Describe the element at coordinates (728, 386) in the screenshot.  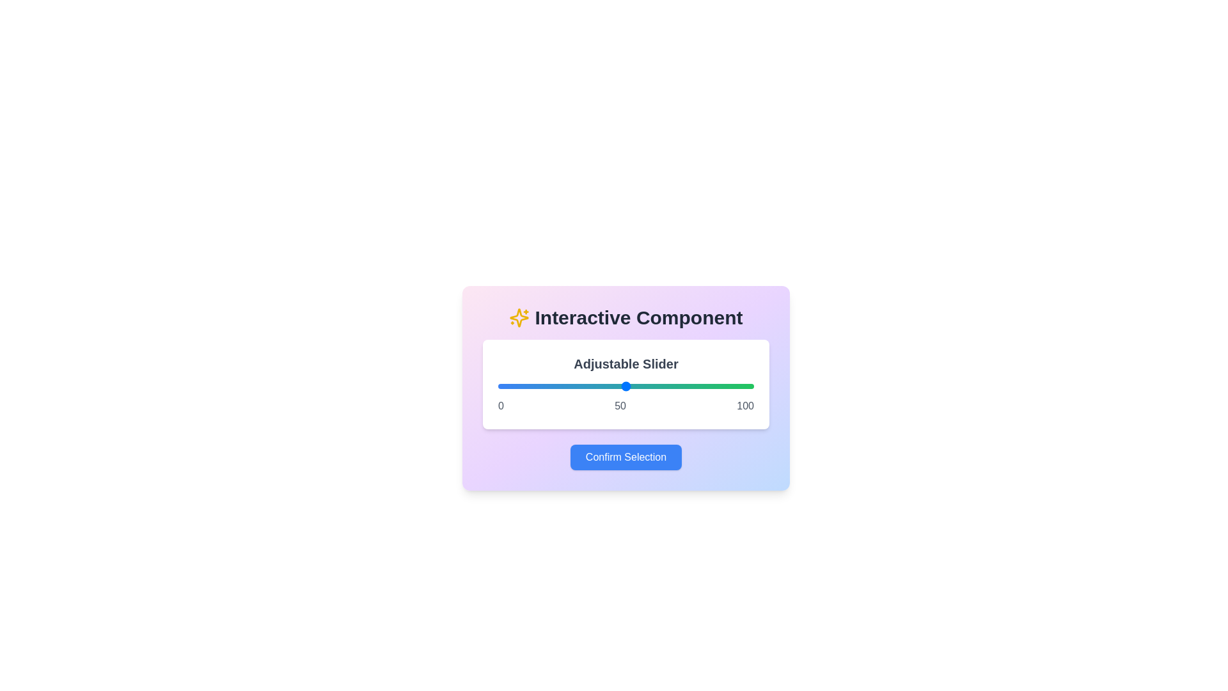
I see `the slider to a specific value 90` at that location.